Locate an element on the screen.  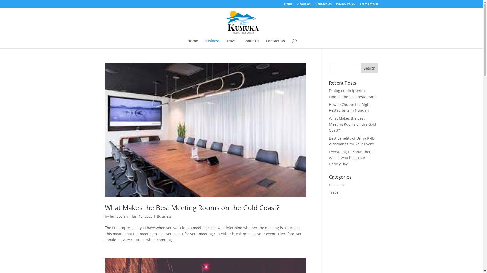
'What Makes the Best Meeting Rooms on the Gold Coast?' is located at coordinates (191, 208).